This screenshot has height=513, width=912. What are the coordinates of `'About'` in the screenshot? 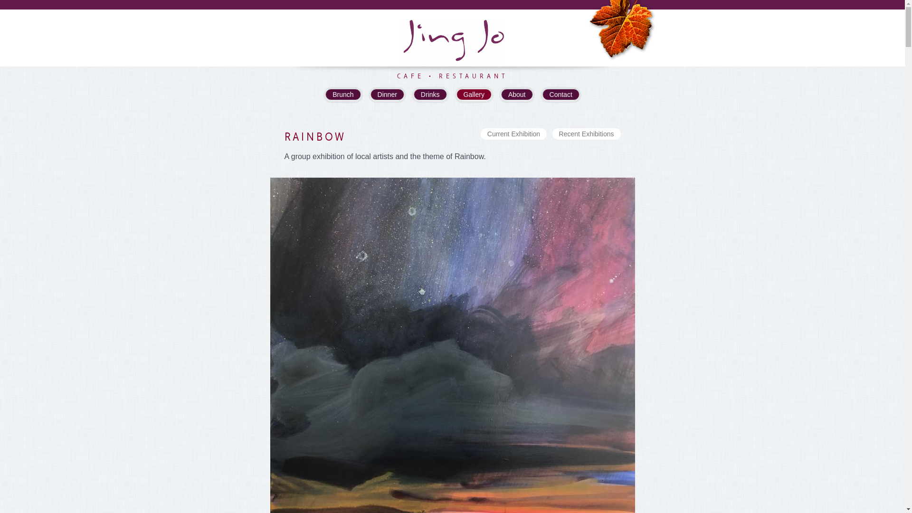 It's located at (516, 95).